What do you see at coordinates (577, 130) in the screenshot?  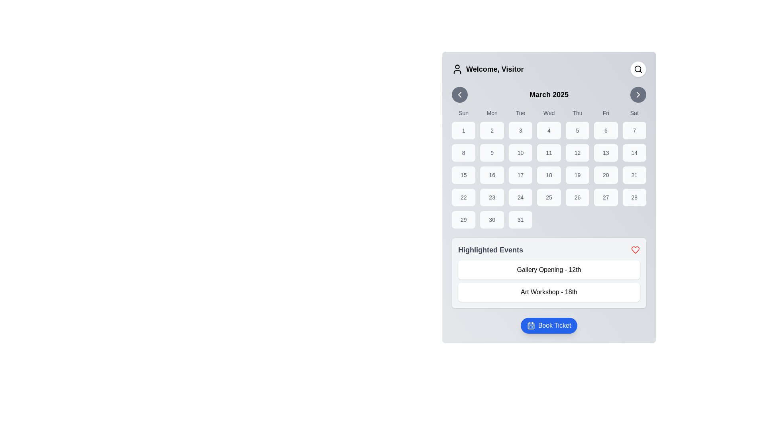 I see `the button representing the fifth day of March 2025 in the calendar` at bounding box center [577, 130].